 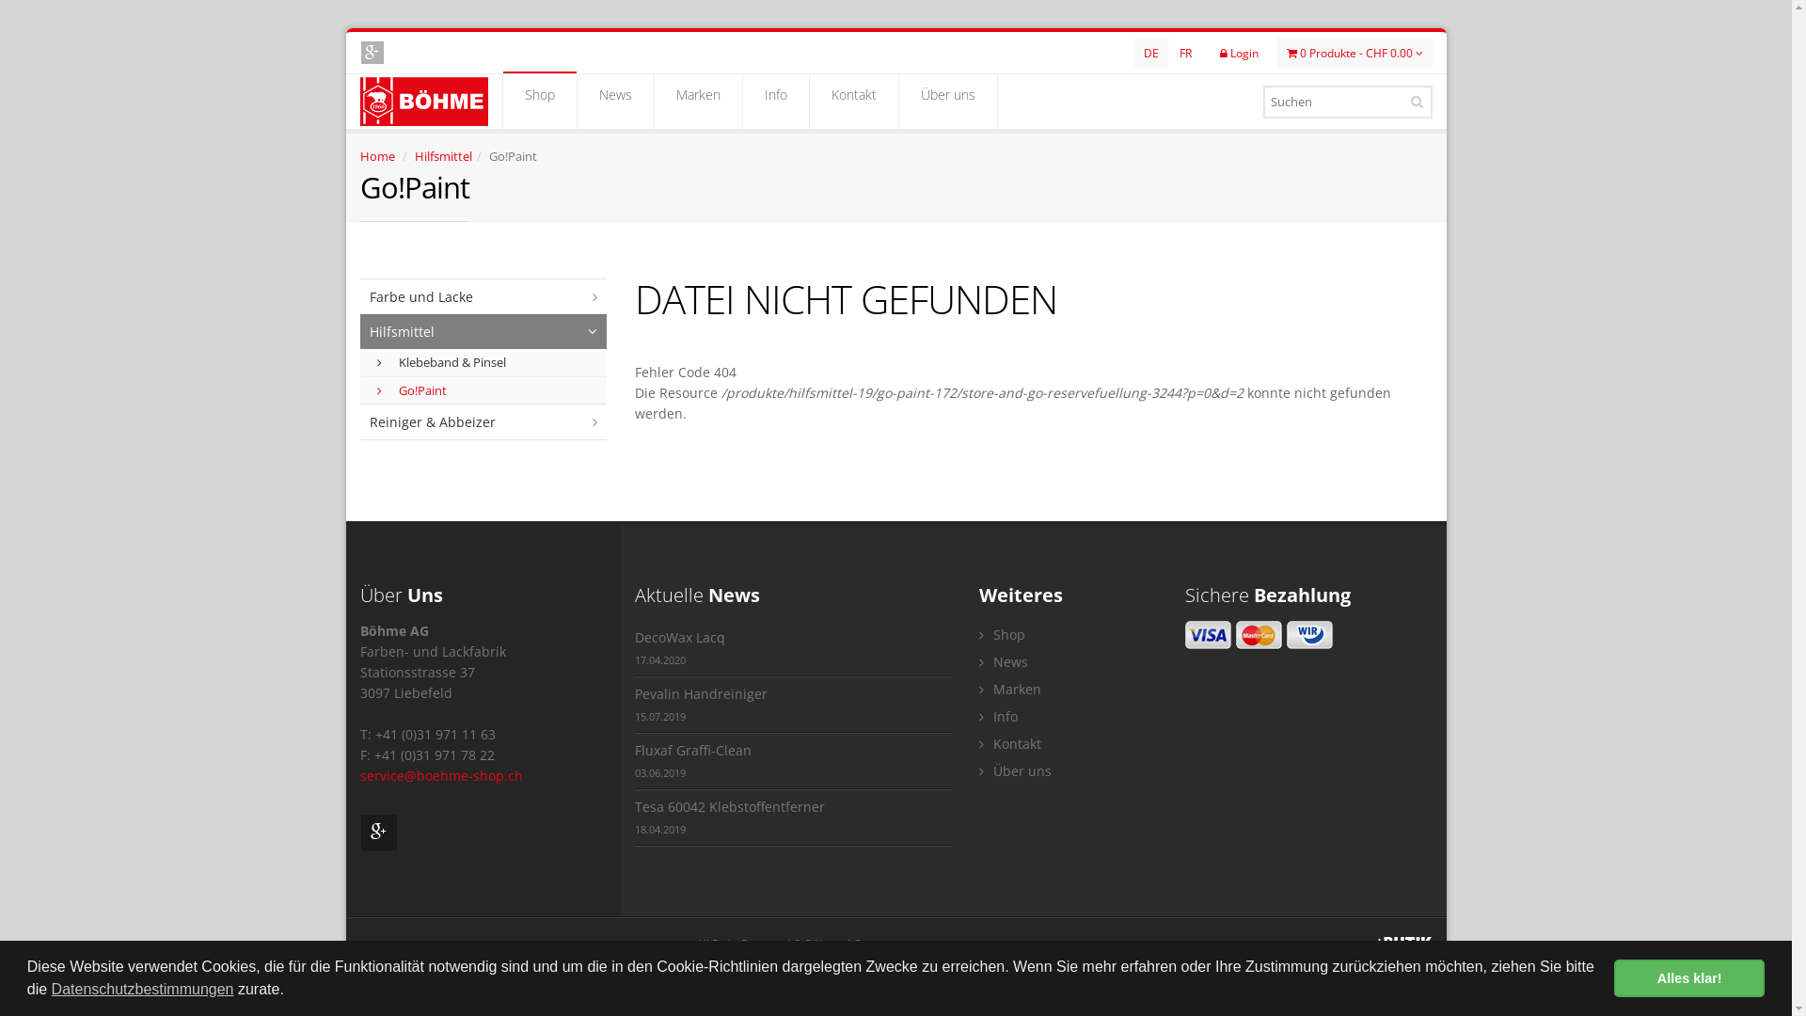 I want to click on '0 Produkte - CHF 0.00', so click(x=1354, y=52).